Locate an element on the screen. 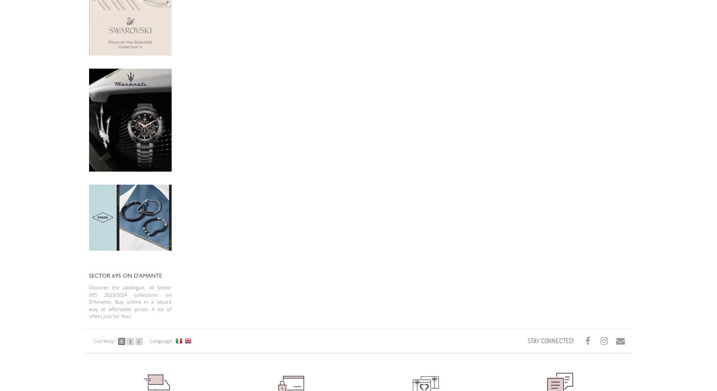  'Lucien rochat' is located at coordinates (469, 15).